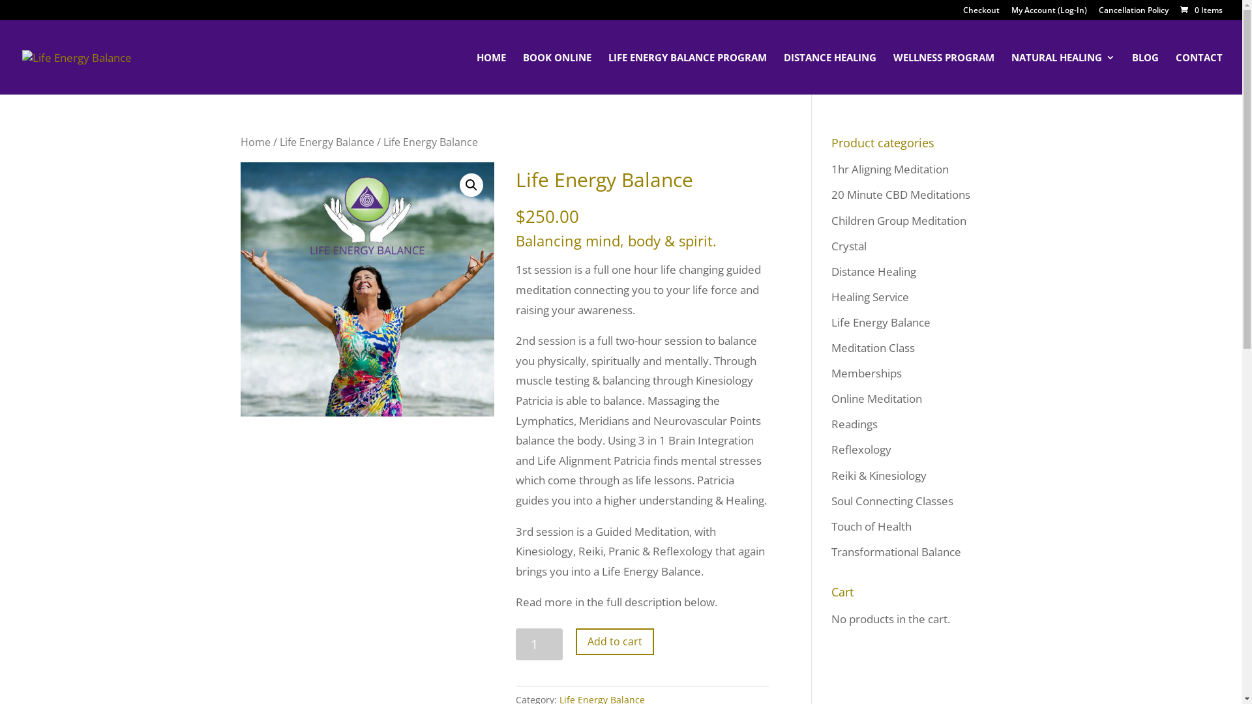  I want to click on 'LIFE ENERGY BALANCE PROGRAM', so click(687, 73).